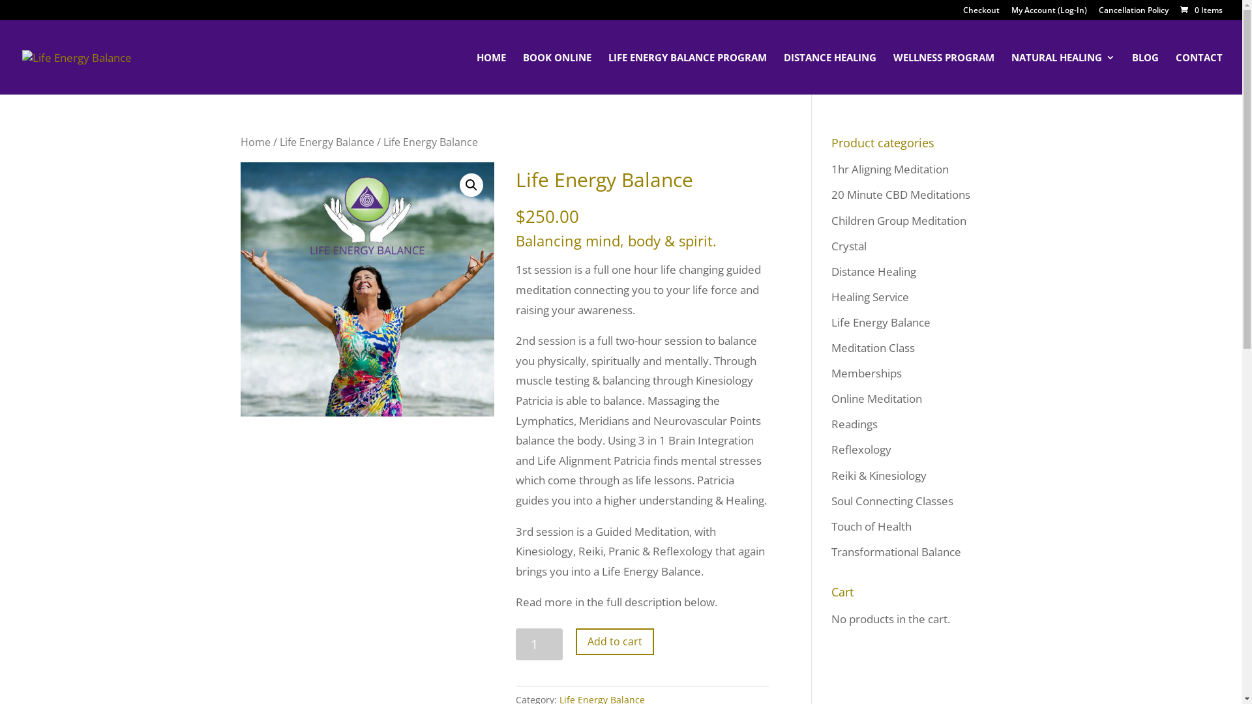  I want to click on 'LIFE ENERGY BALANCE PROGRAM', so click(687, 73).